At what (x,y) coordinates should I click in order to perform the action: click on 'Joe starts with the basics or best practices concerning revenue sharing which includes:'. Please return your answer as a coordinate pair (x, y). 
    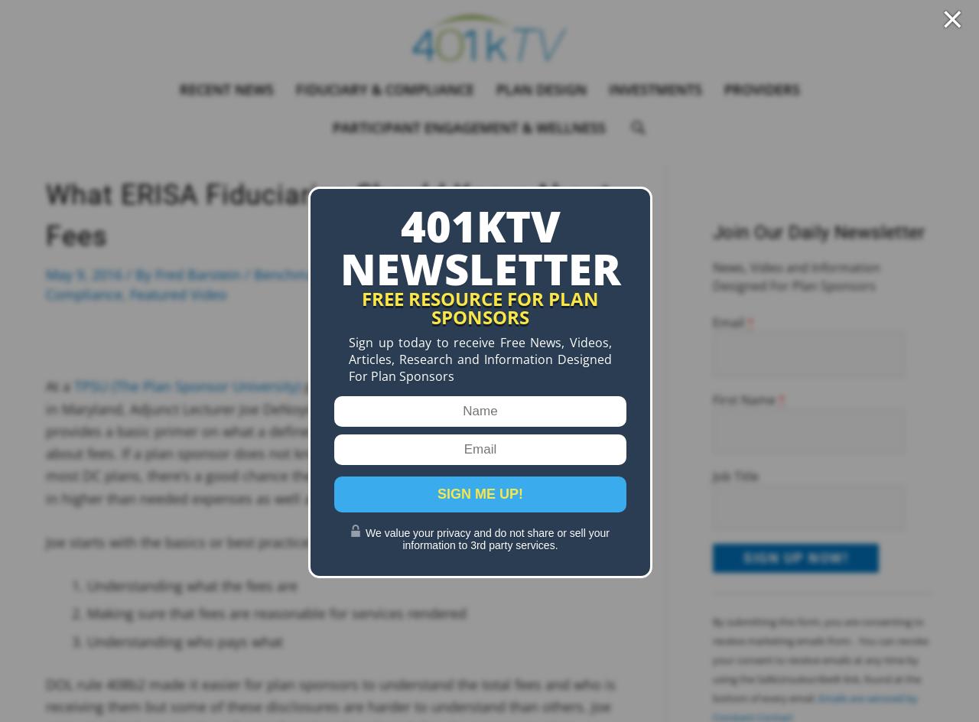
    Looking at the image, I should click on (324, 541).